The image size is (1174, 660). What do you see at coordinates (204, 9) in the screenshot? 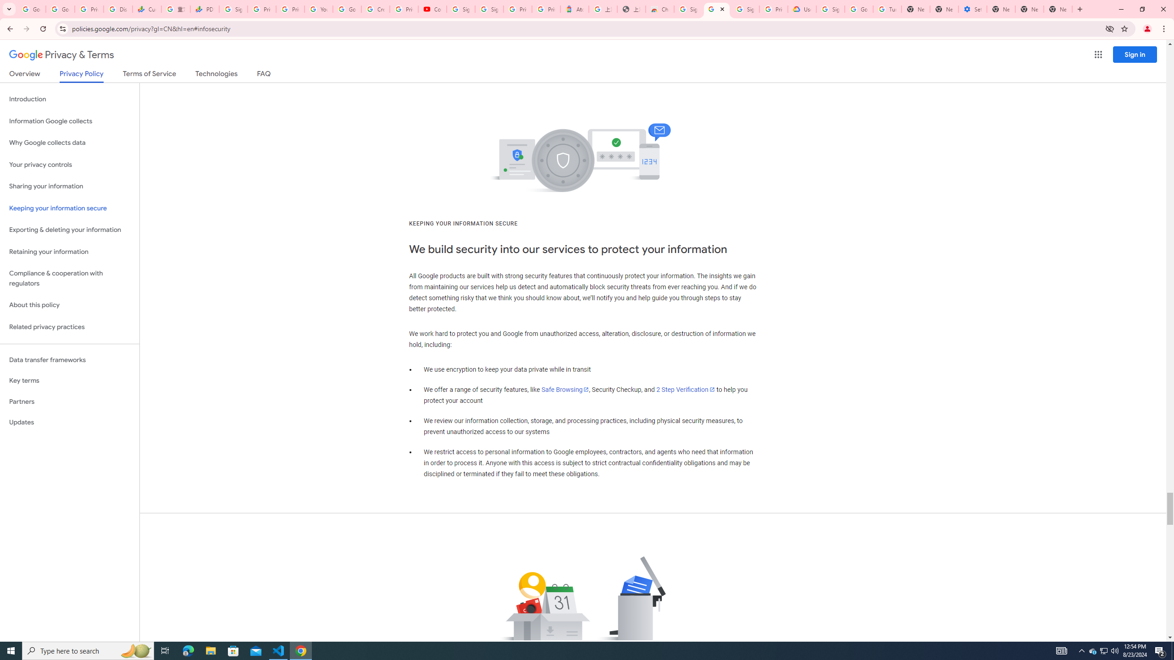
I see `'PDD Holdings Inc - ADR (PDD) Price & News - Google Finance'` at bounding box center [204, 9].